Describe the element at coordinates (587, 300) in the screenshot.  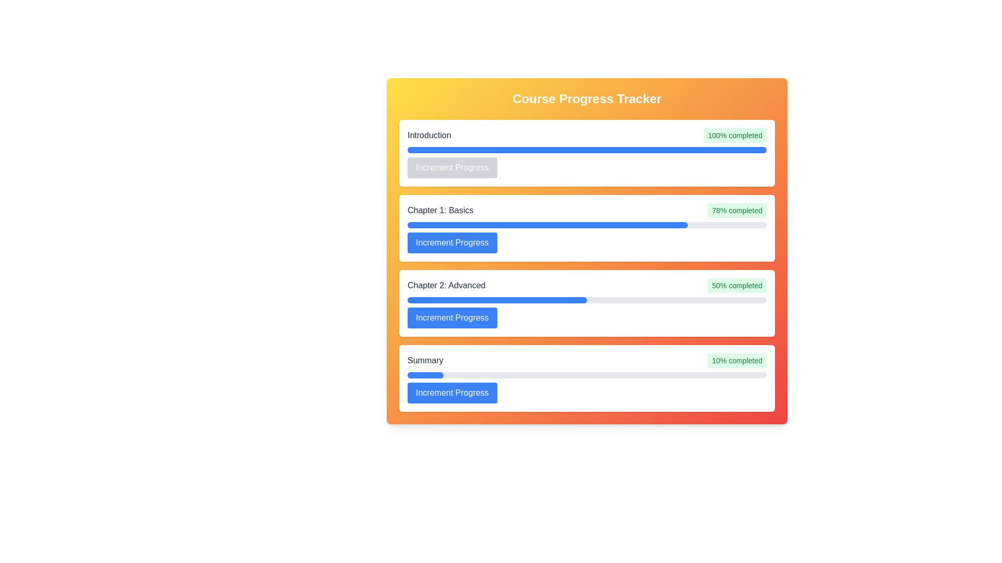
I see `the progress bar indicating the completion status of 'Chapter 2: Advanced' in the course tracker` at that location.